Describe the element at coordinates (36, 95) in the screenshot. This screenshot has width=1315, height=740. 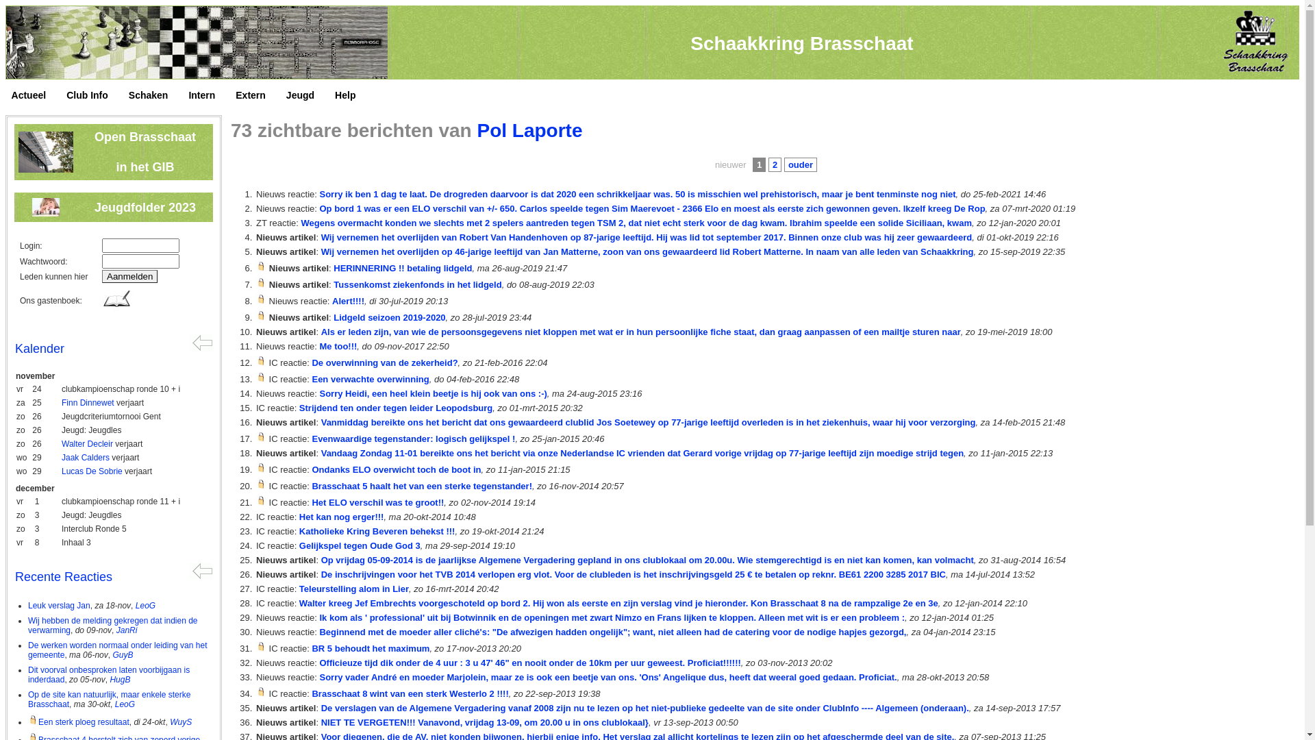
I see `'Actueel'` at that location.